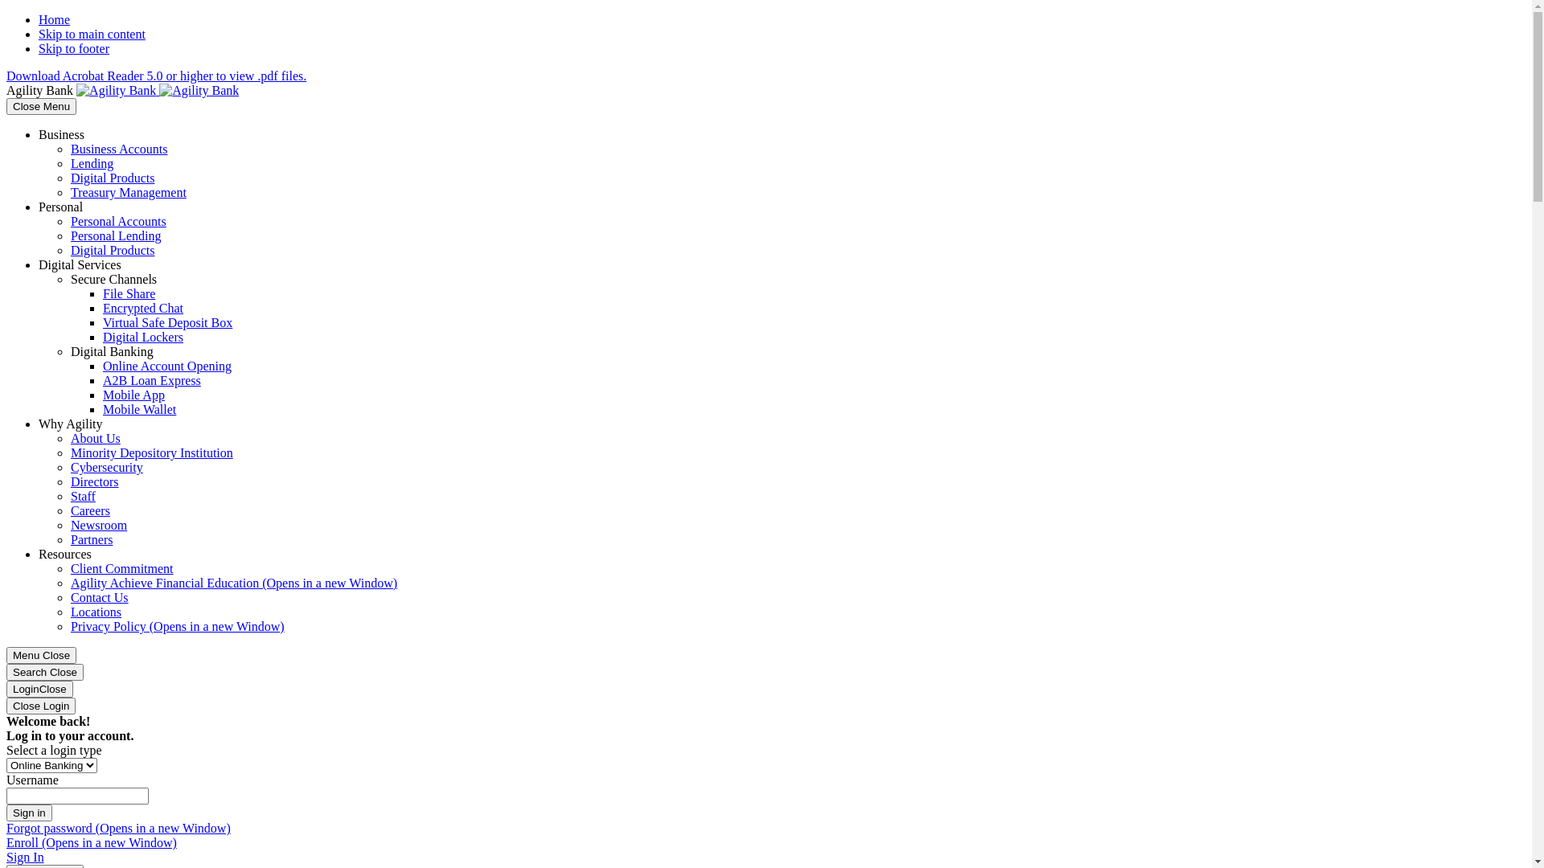 Image resolution: width=1544 pixels, height=868 pixels. Describe the element at coordinates (94, 481) in the screenshot. I see `'Directors'` at that location.